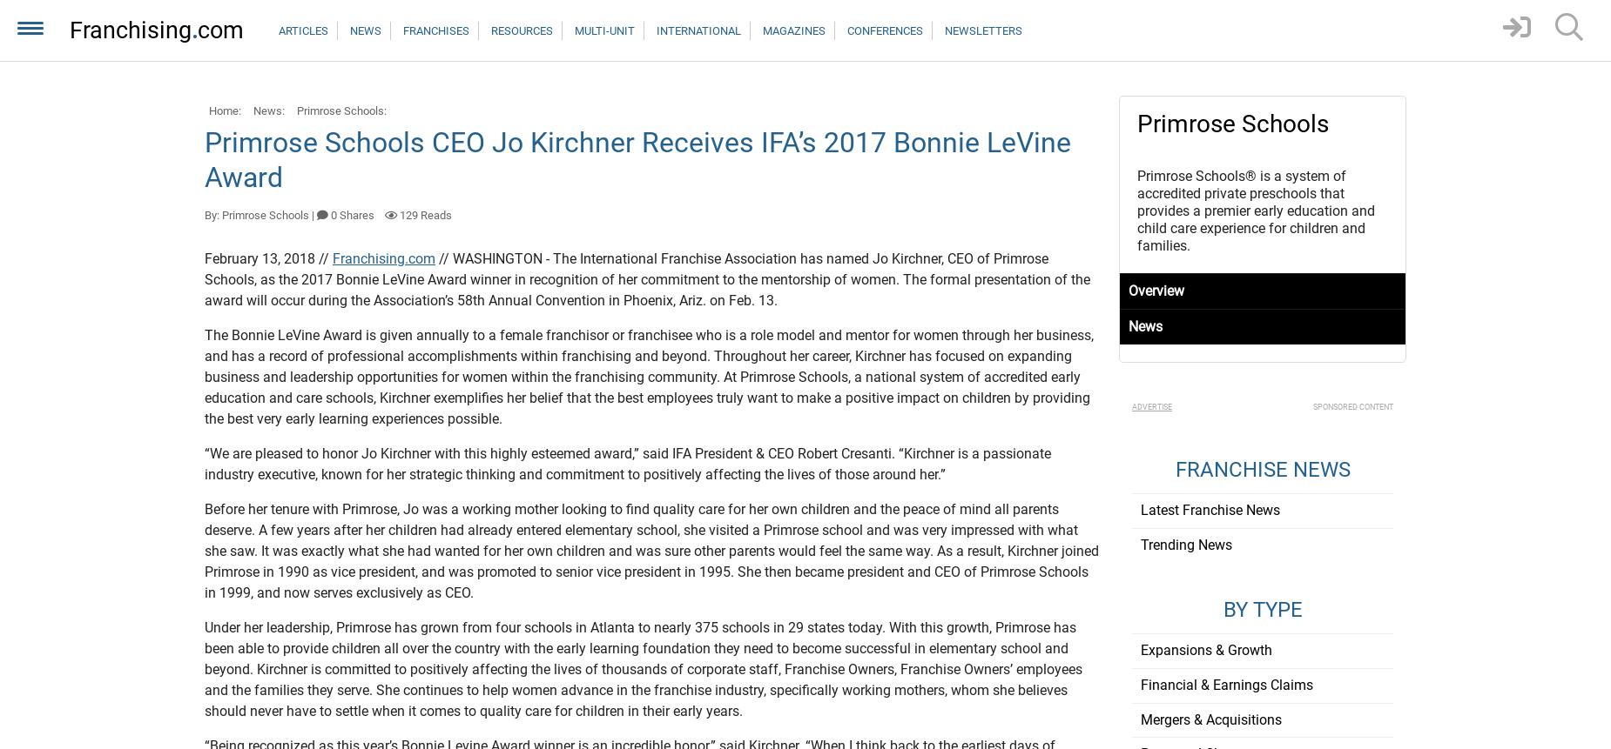 This screenshot has height=749, width=1611. Describe the element at coordinates (203, 551) in the screenshot. I see `'Before her tenure with Primrose, Jo was a working mother looking to find quality care for her own children and the peace of mind all parents deserve. A few years after her children had already entered elementary school, she visited a Primrose school and was very impressed with what she saw. It was exactly what she had wanted for her own children and was sure other parents would feel the same way. As a result, Kirchner joined Primrose in 1990 as vice president, and was promoted to senior vice president in 1995. She then became president and CEO of Primrose Schools in 1999, and now serves exclusively as CEO.'` at that location.